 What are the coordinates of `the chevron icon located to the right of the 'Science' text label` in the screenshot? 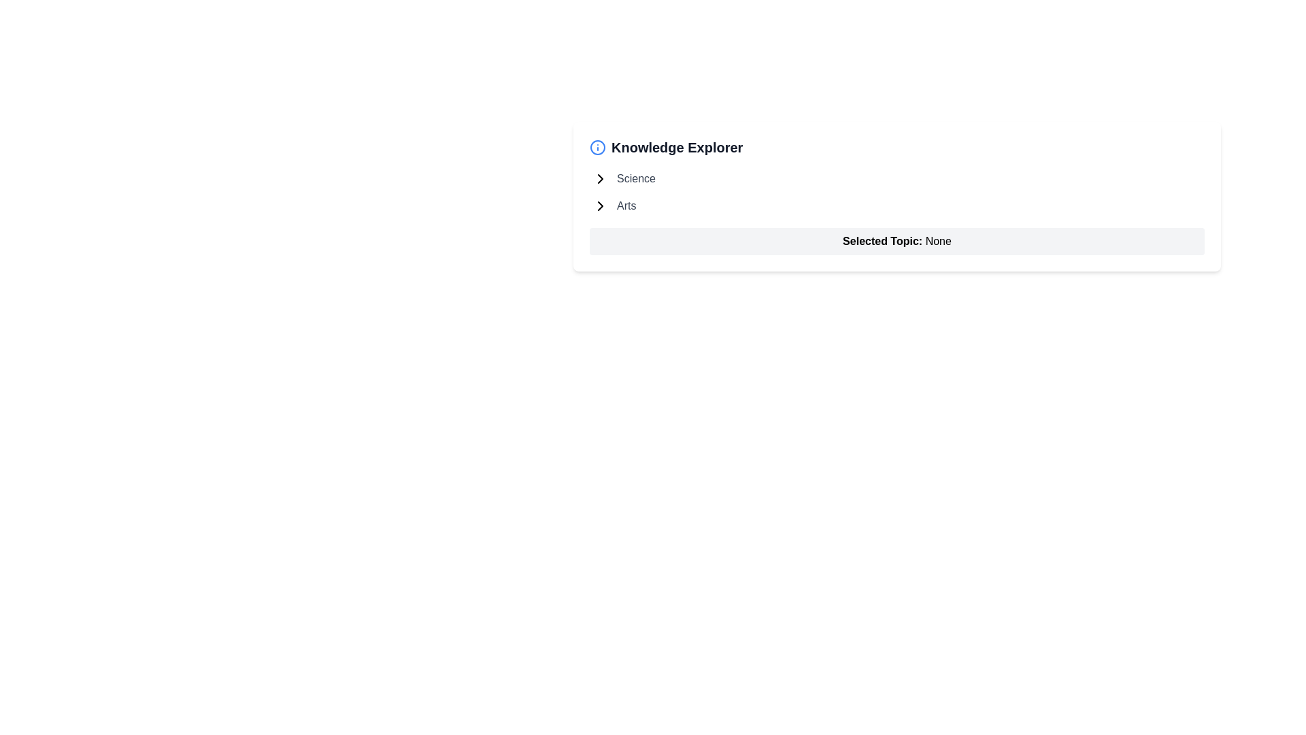 It's located at (600, 178).